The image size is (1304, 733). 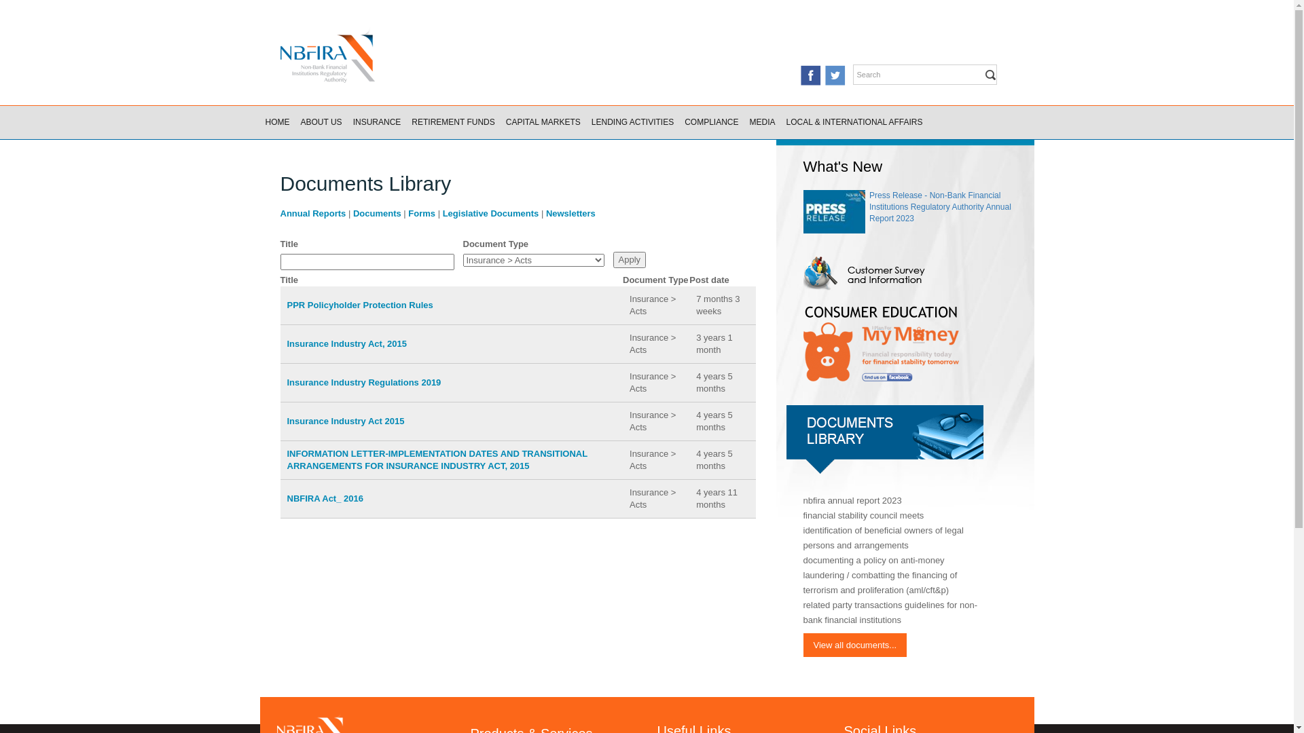 I want to click on 'PPR Policyholder Protection Rules', so click(x=286, y=304).